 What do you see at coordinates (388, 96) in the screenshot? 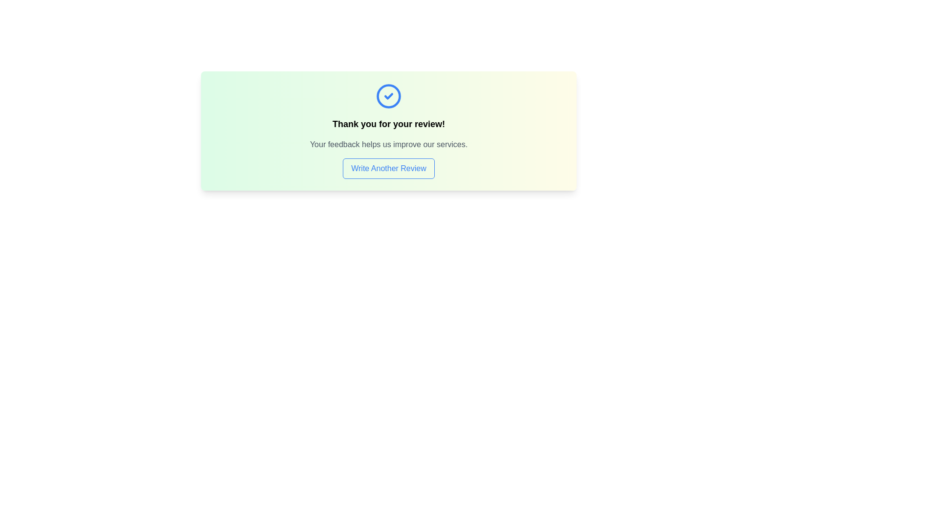
I see `the SVG circle component indicating a successful operation, which is part of the icon above the text 'Thank you for your review!'` at bounding box center [388, 96].